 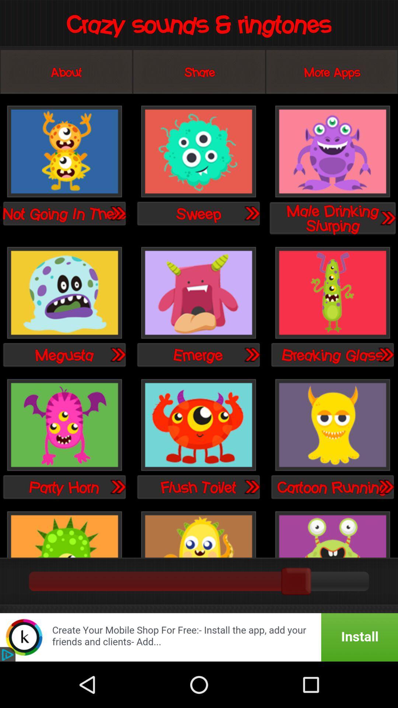 I want to click on sound, so click(x=64, y=152).